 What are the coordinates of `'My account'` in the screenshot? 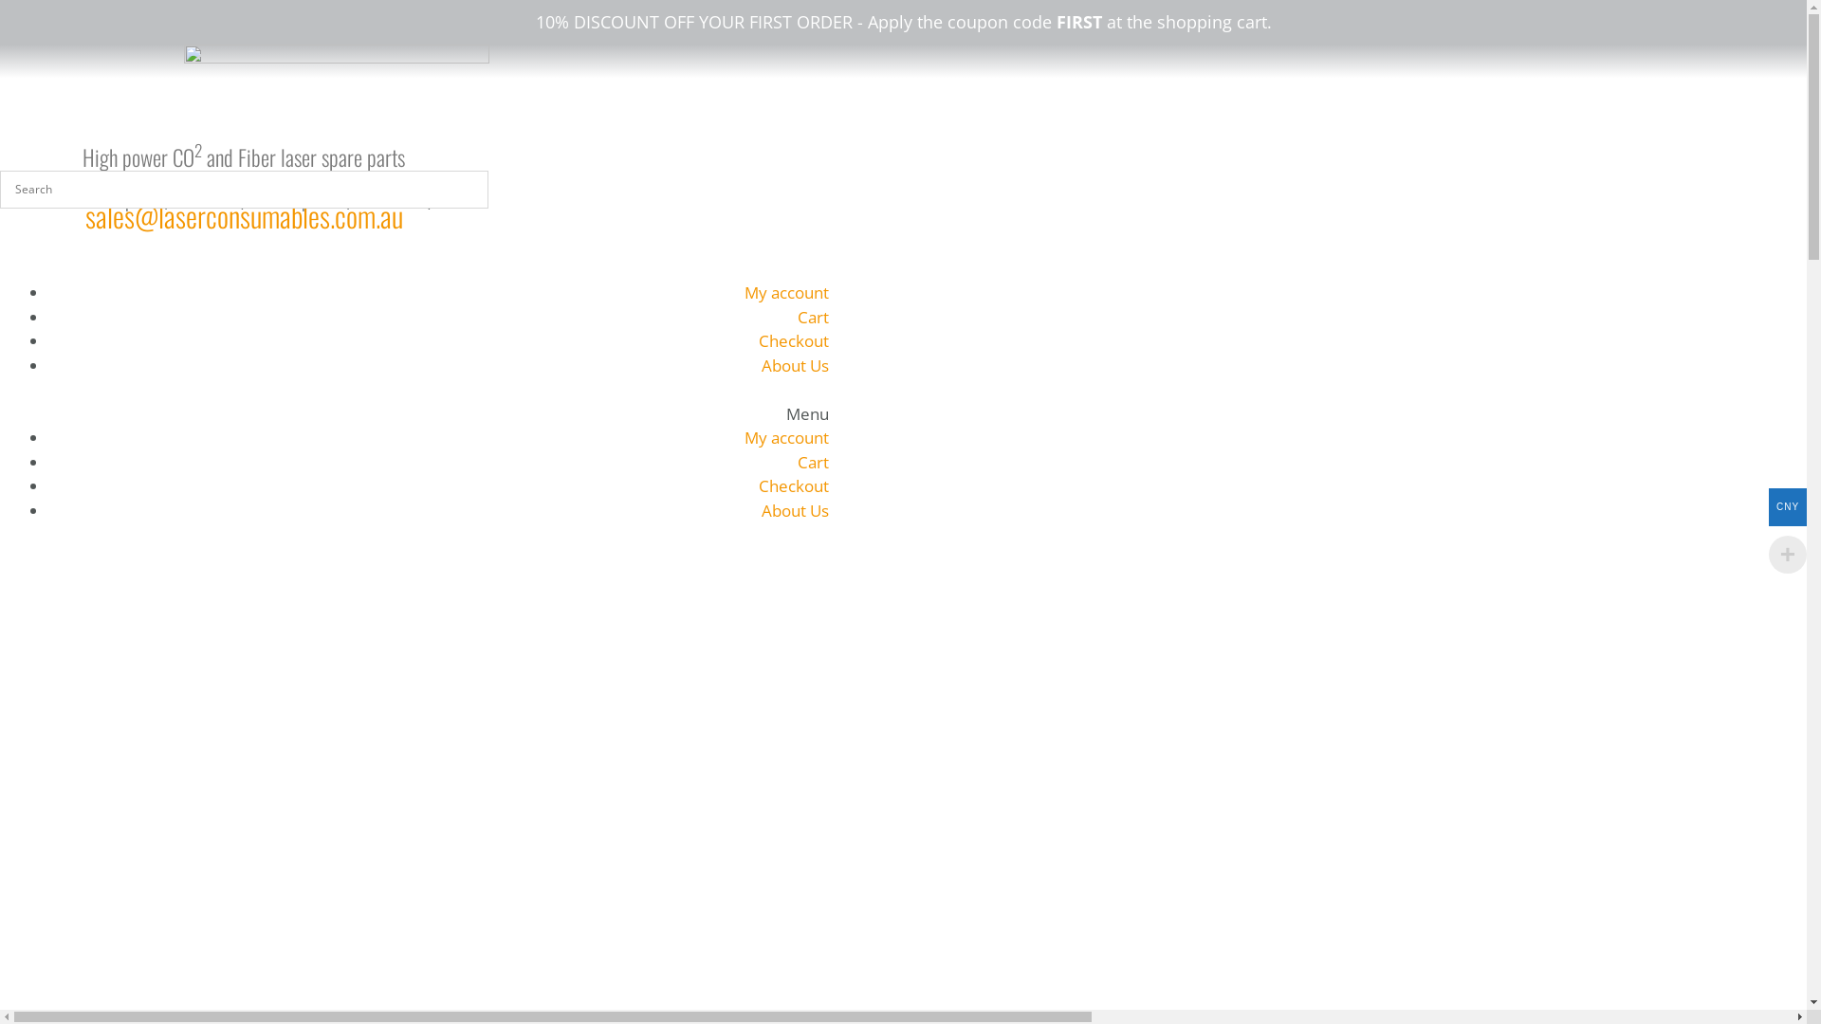 It's located at (786, 437).